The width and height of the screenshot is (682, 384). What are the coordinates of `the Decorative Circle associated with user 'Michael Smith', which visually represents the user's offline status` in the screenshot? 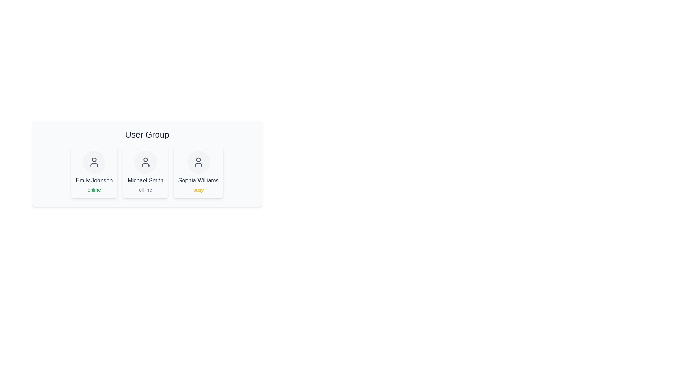 It's located at (145, 159).